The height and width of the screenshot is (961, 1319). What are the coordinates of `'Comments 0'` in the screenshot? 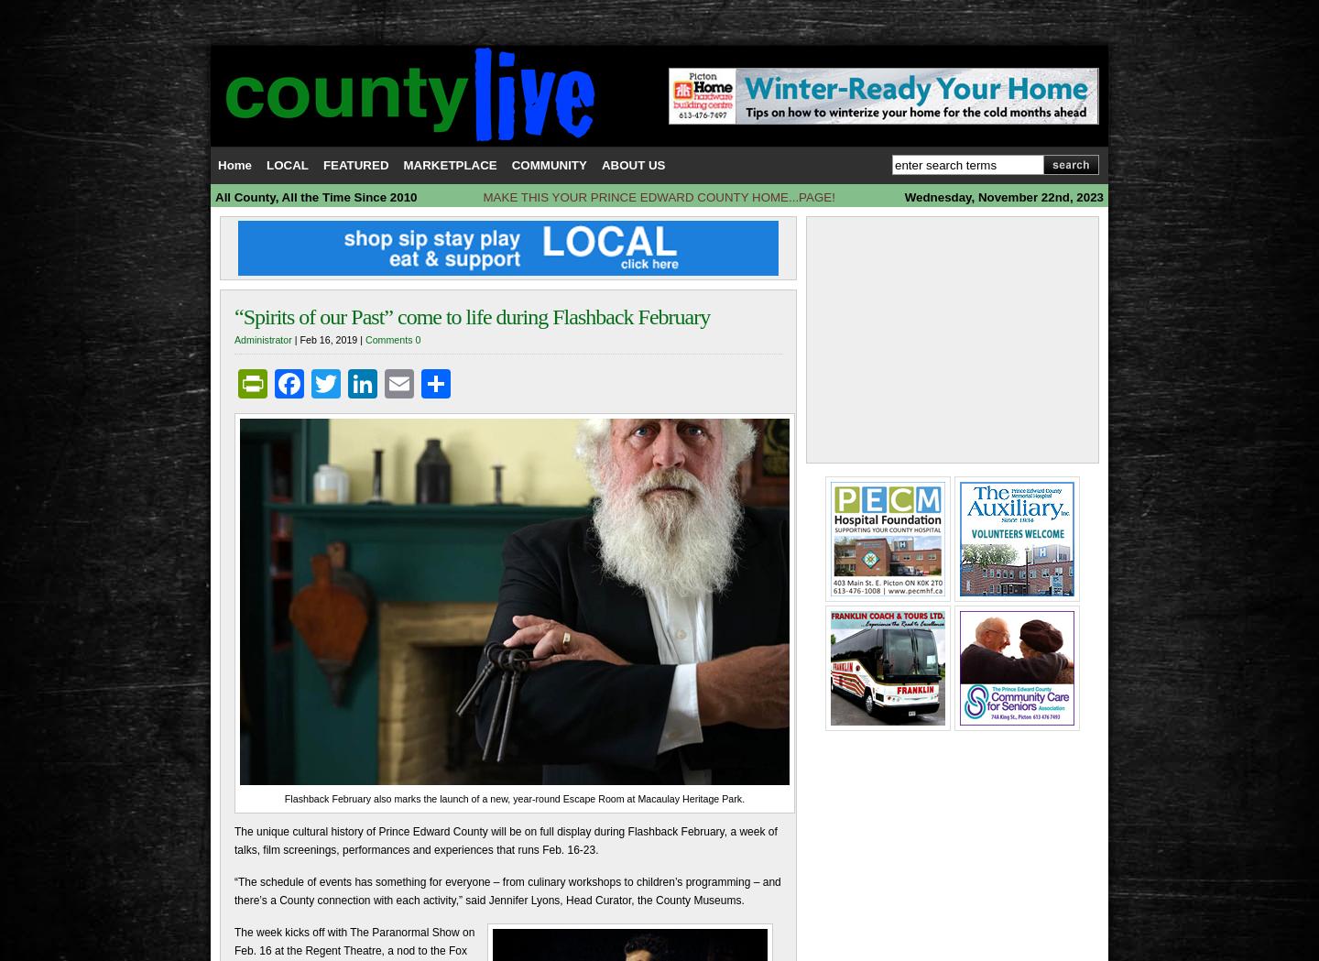 It's located at (392, 338).